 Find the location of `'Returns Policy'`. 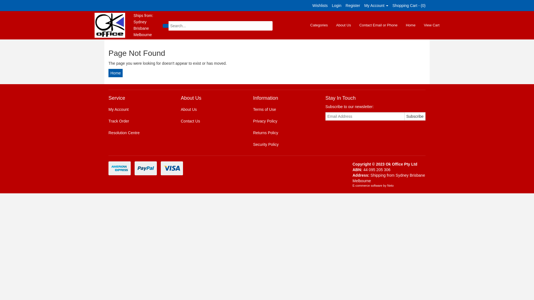

'Returns Policy' is located at coordinates (248, 133).